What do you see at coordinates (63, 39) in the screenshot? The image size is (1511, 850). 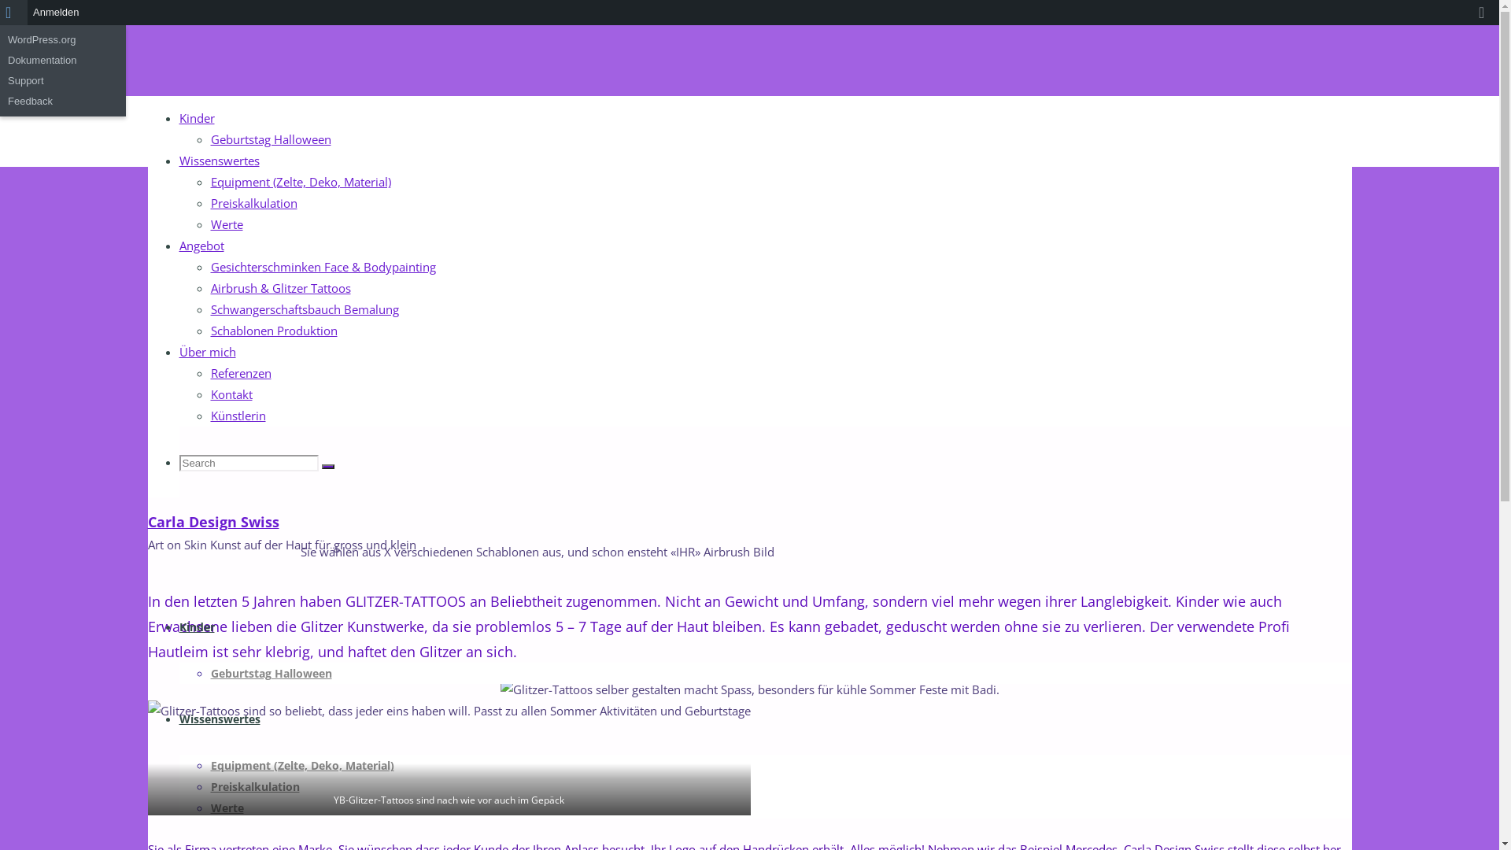 I see `'WordPress.org'` at bounding box center [63, 39].